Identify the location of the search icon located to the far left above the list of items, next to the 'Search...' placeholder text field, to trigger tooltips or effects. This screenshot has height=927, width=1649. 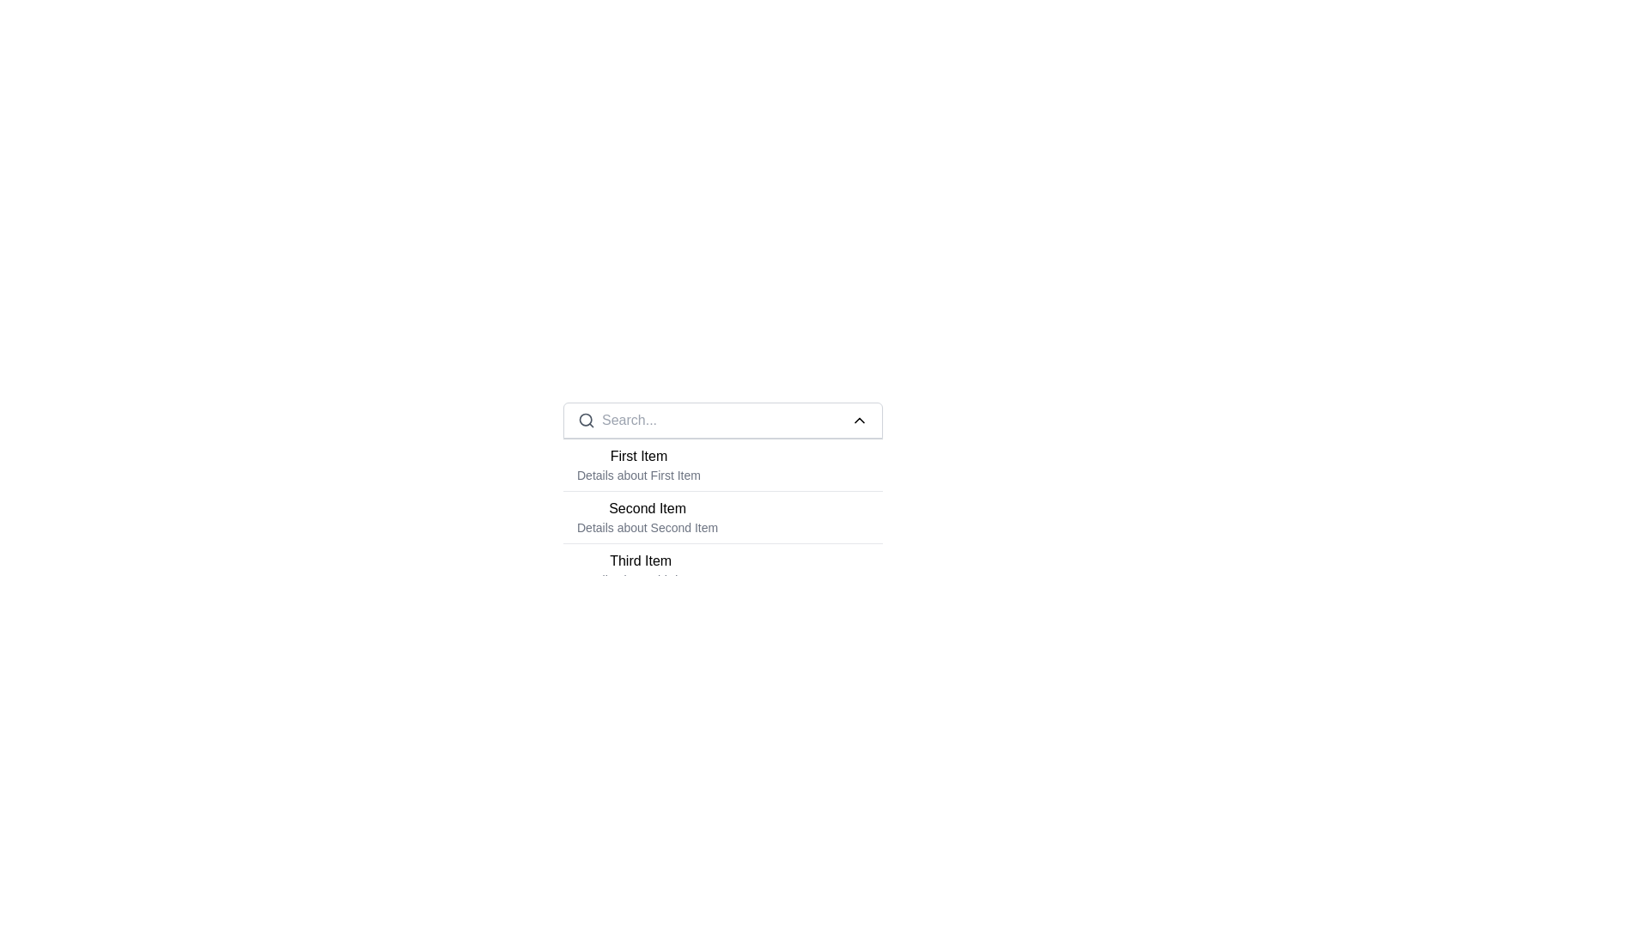
(586, 420).